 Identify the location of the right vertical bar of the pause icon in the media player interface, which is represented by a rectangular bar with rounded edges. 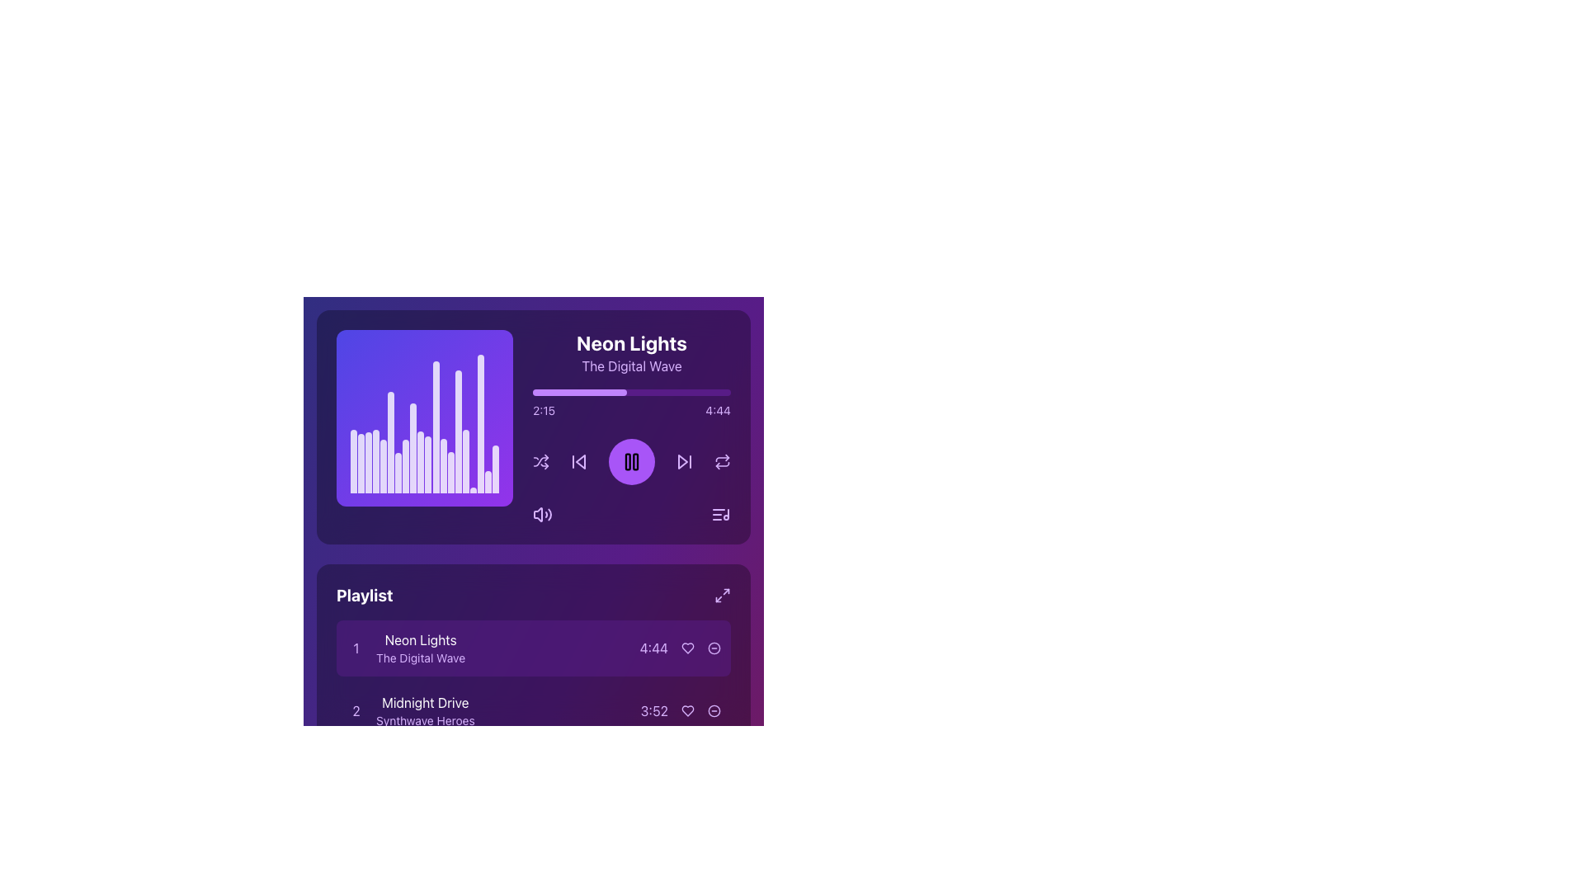
(634, 461).